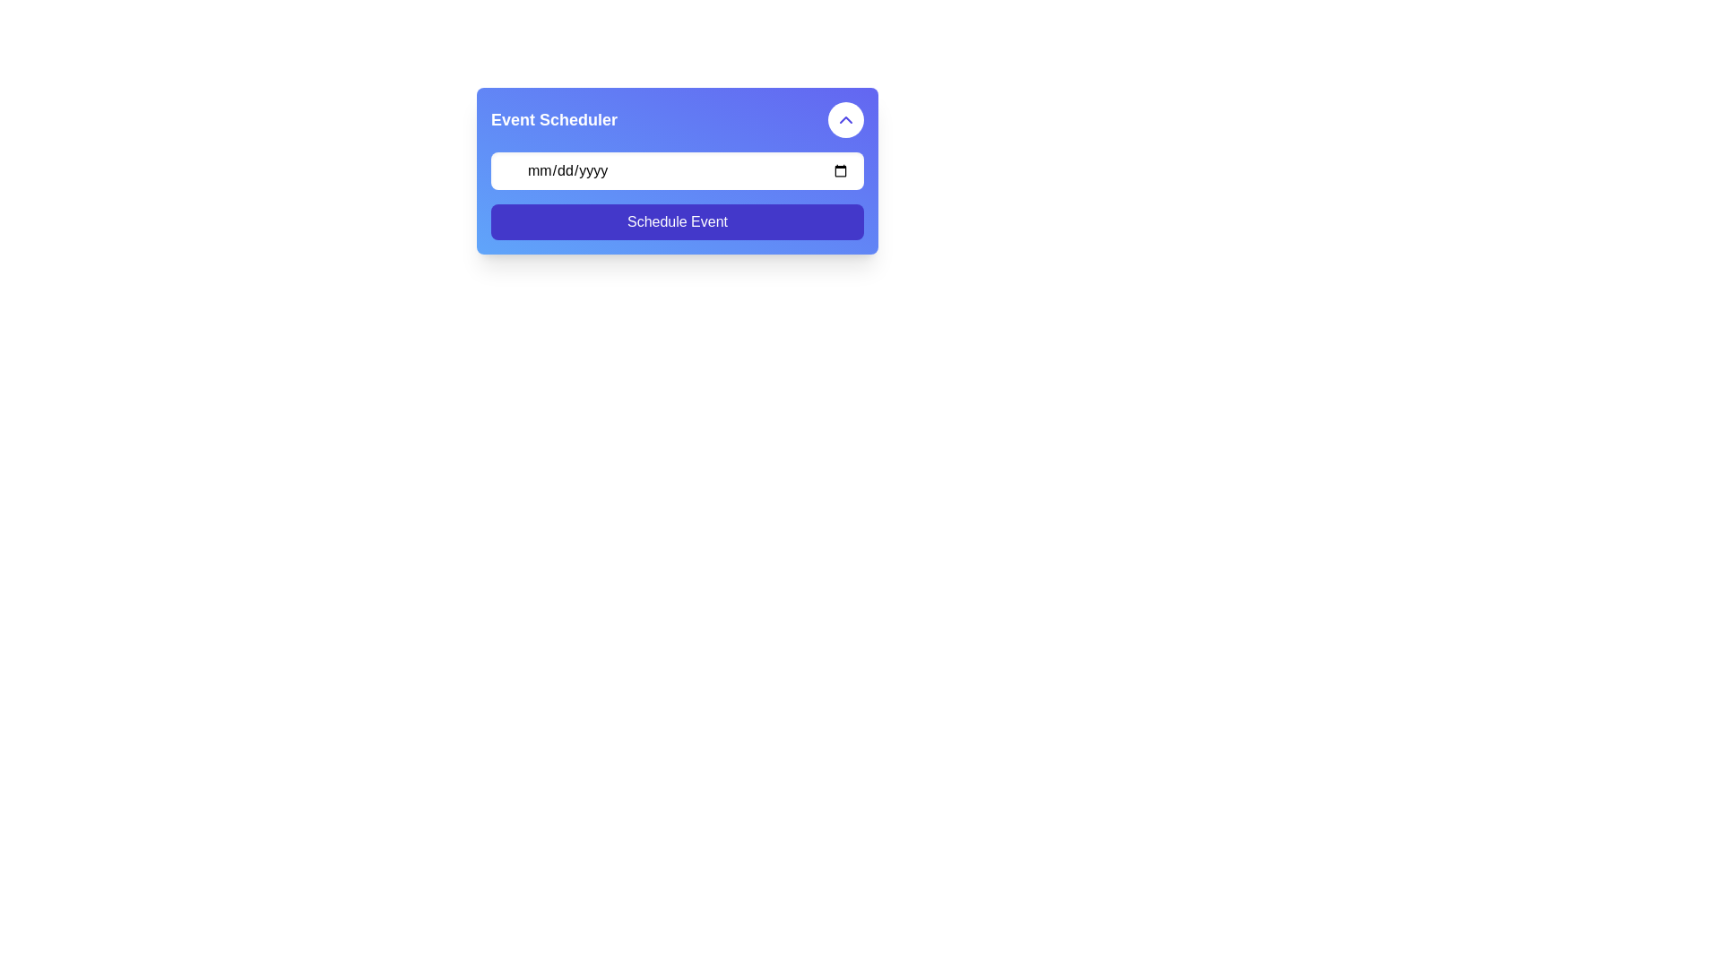  Describe the element at coordinates (676, 220) in the screenshot. I see `the solid indigo button labeled 'Schedule Event'` at that location.